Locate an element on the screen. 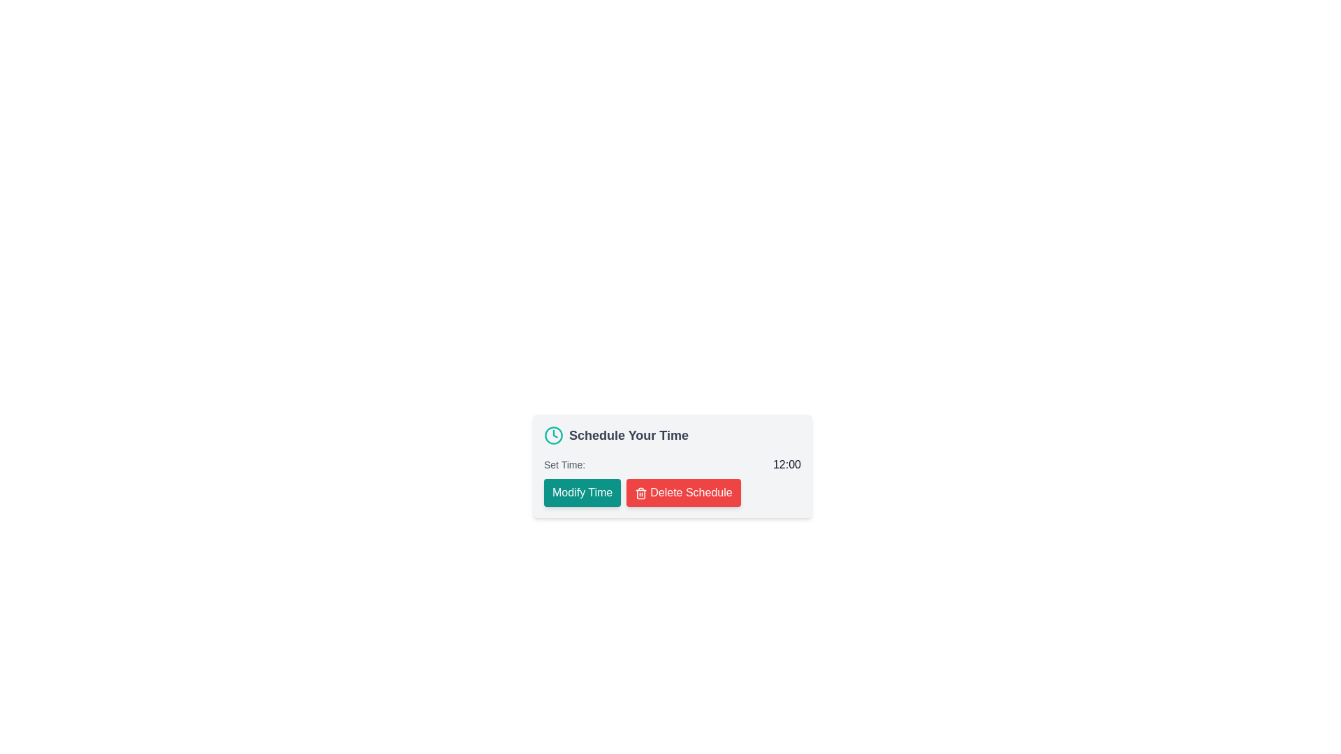 This screenshot has height=754, width=1341. text 'Schedule Your Time' from the heading with a teal clock icon located at the top of the card-style interface is located at coordinates (673, 435).